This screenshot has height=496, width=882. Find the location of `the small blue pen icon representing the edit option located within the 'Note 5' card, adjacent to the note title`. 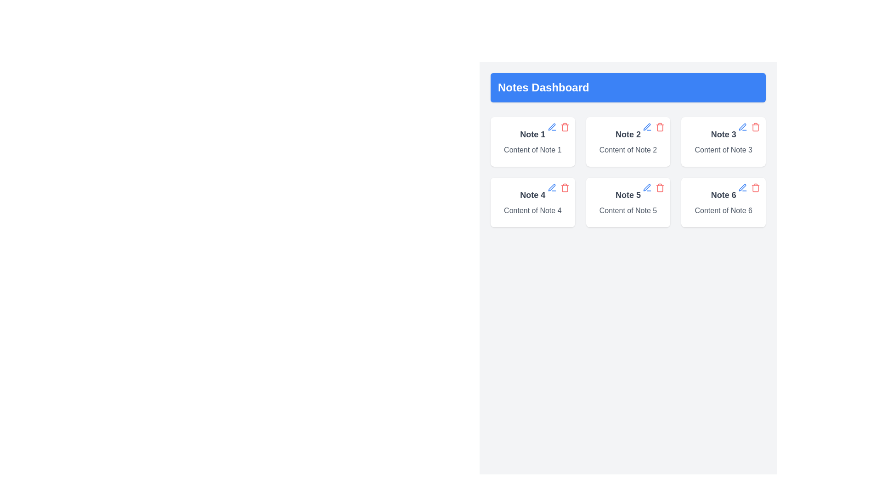

the small blue pen icon representing the edit option located within the 'Note 5' card, adjacent to the note title is located at coordinates (647, 187).